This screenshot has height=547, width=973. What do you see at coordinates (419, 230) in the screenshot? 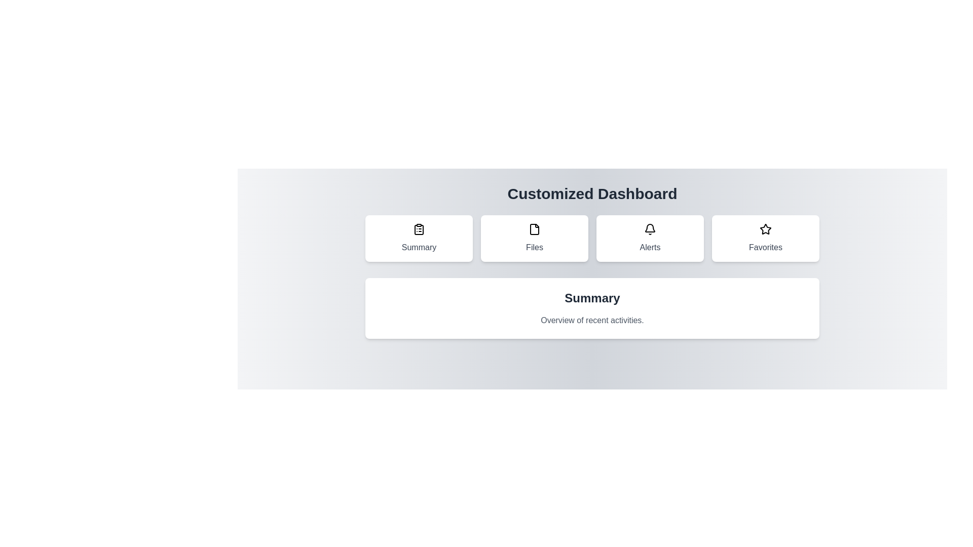
I see `the 'Summary' icon located in the leftmost button of the top row` at bounding box center [419, 230].